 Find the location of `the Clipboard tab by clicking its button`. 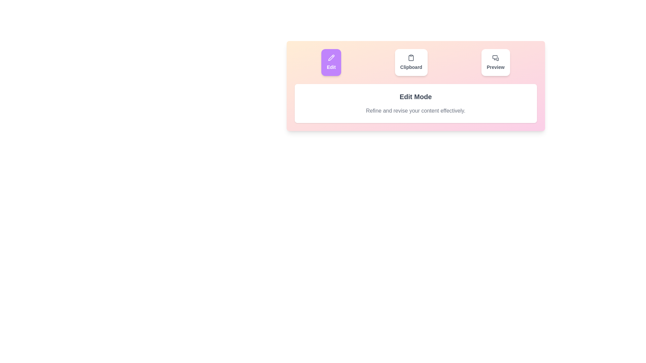

the Clipboard tab by clicking its button is located at coordinates (411, 62).